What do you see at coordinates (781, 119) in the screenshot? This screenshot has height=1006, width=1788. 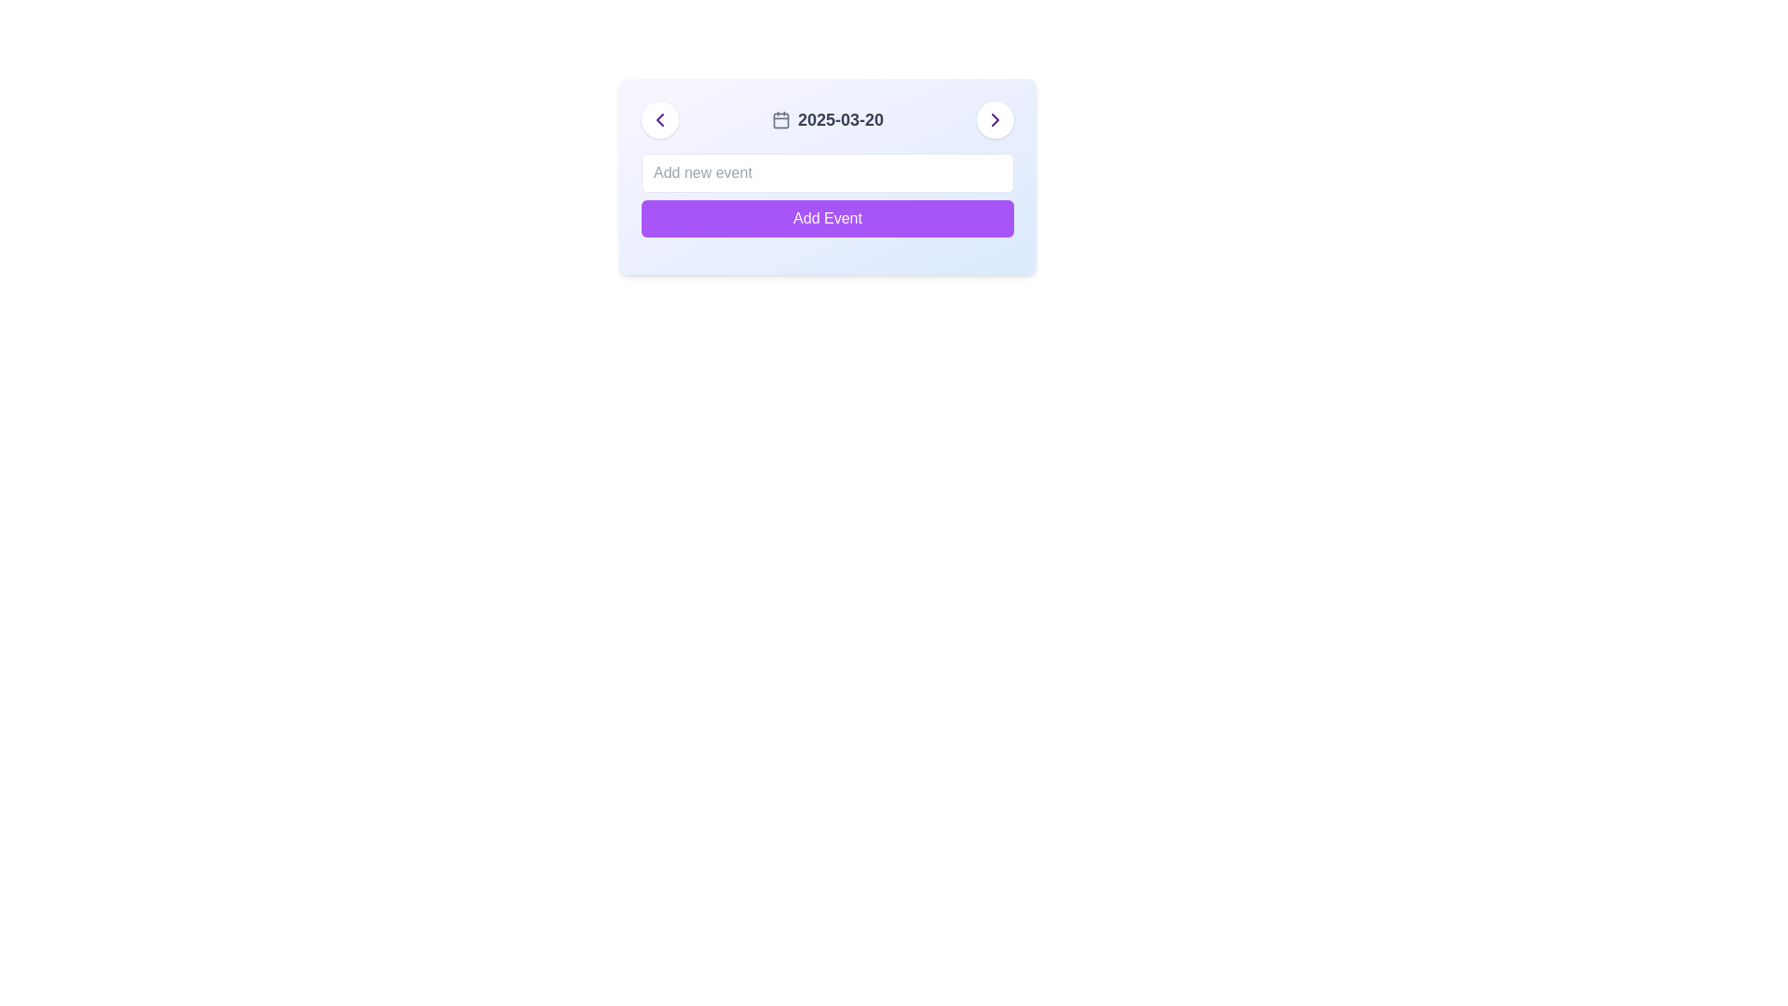 I see `the calendar icon, which is styled with a rounded, minimalist line art in gray color and positioned immediately to the left of the date text '2025-03-20'` at bounding box center [781, 119].